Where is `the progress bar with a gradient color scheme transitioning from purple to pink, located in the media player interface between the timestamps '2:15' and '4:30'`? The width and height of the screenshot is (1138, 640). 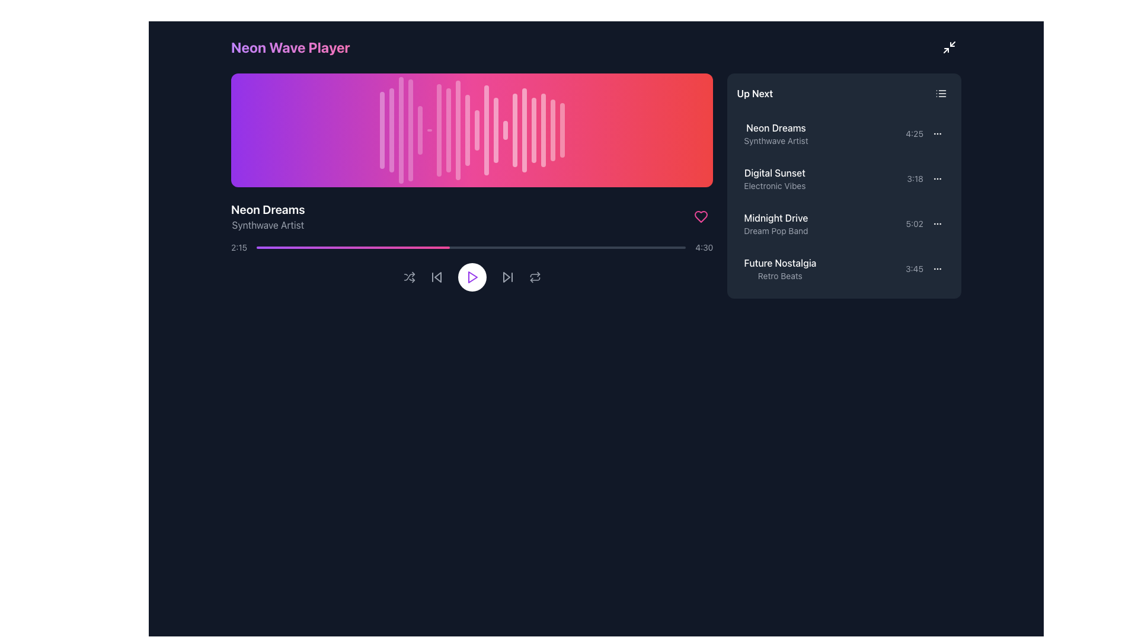 the progress bar with a gradient color scheme transitioning from purple to pink, located in the media player interface between the timestamps '2:15' and '4:30' is located at coordinates (471, 247).